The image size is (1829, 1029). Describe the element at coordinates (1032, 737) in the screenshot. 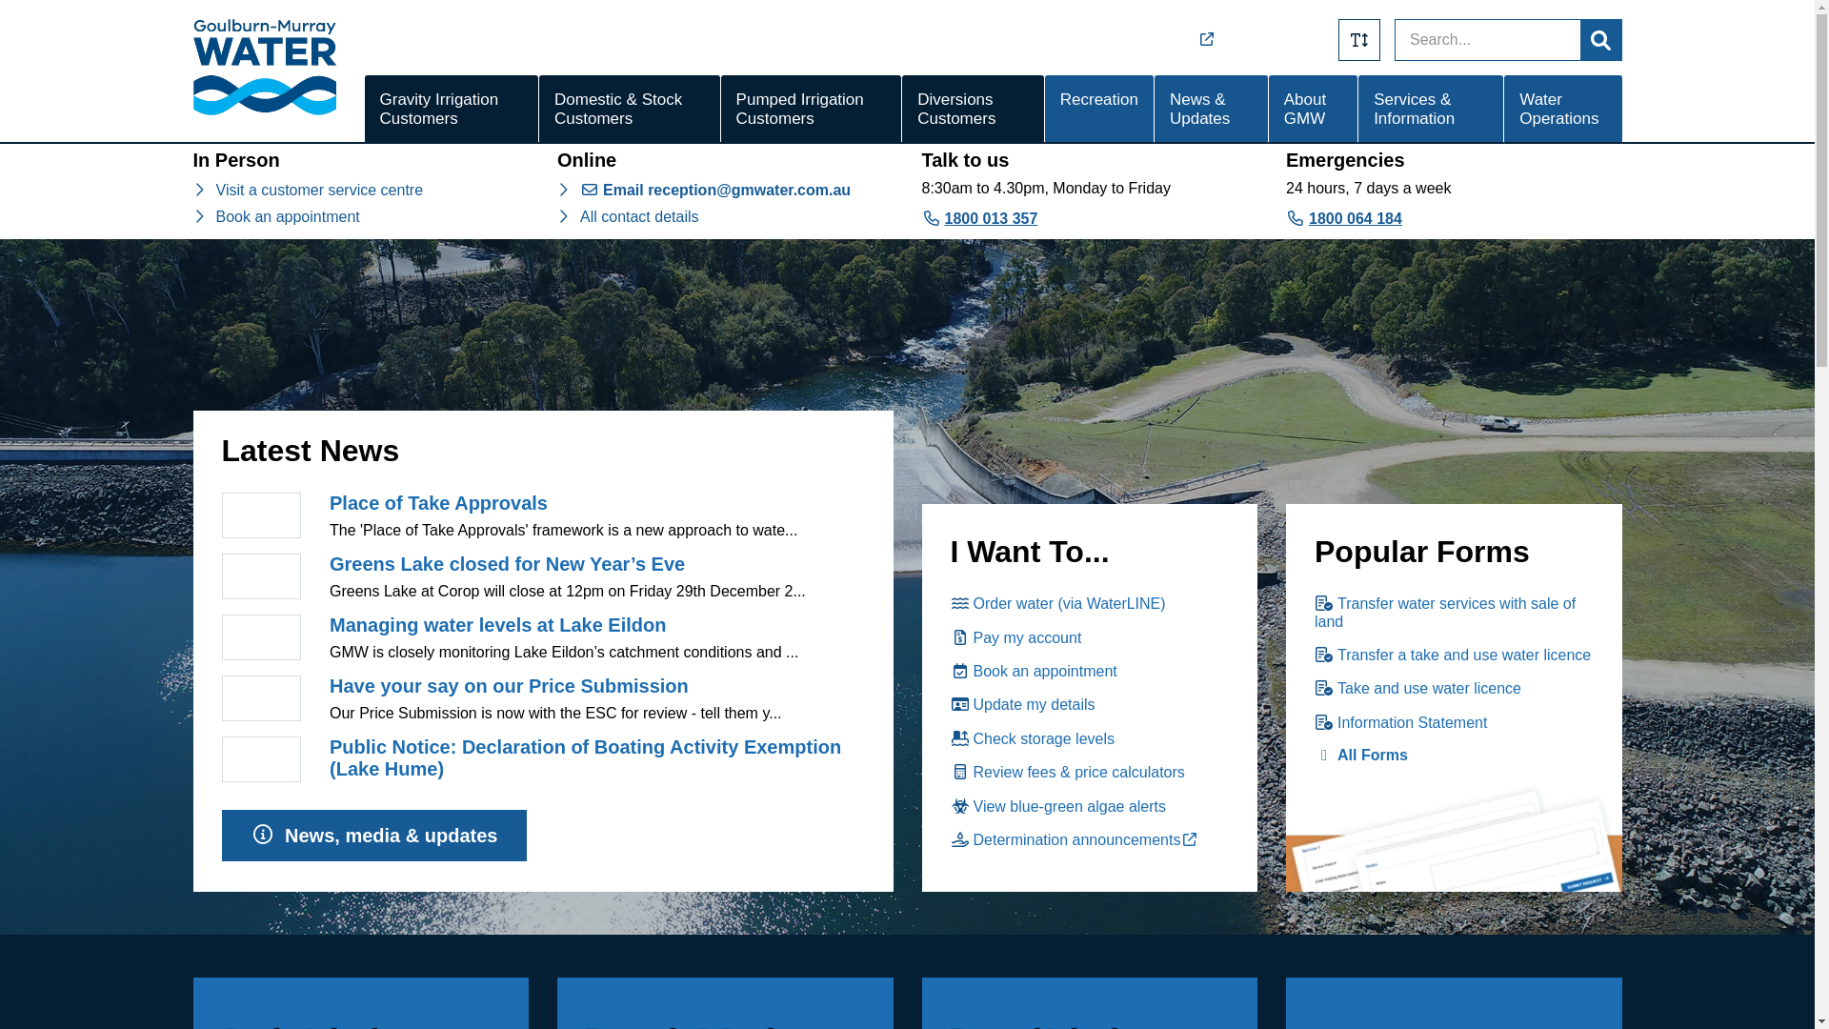

I see `'Check storage levels'` at that location.